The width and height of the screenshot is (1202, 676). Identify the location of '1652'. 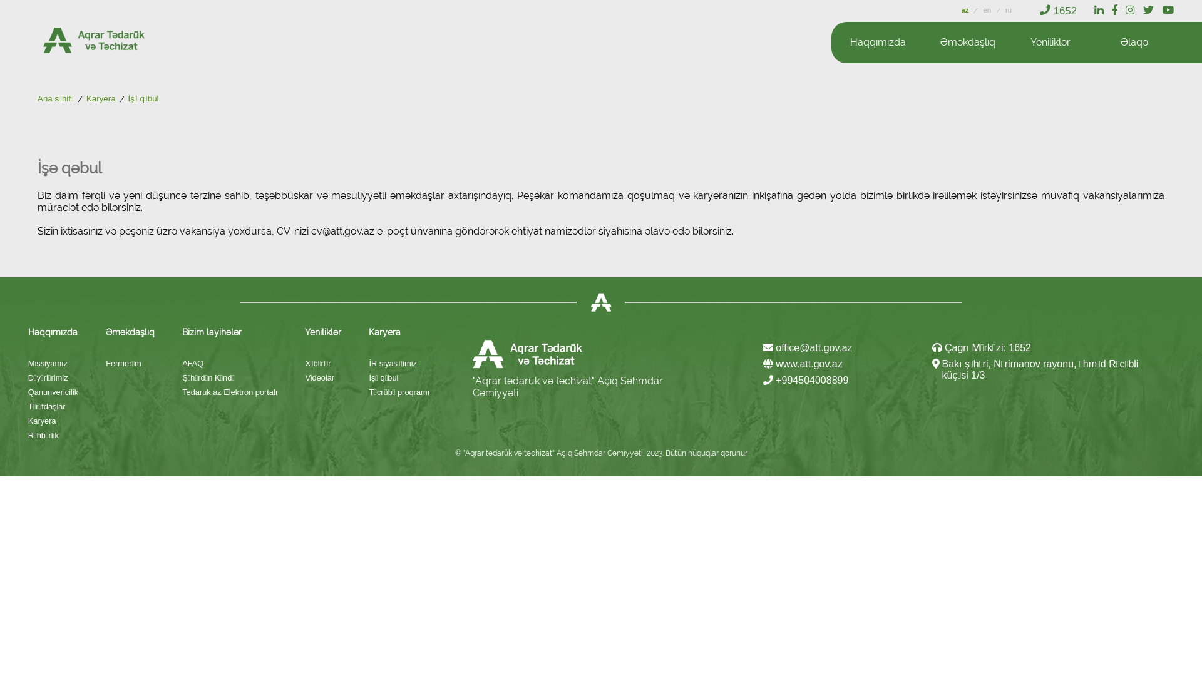
(1057, 11).